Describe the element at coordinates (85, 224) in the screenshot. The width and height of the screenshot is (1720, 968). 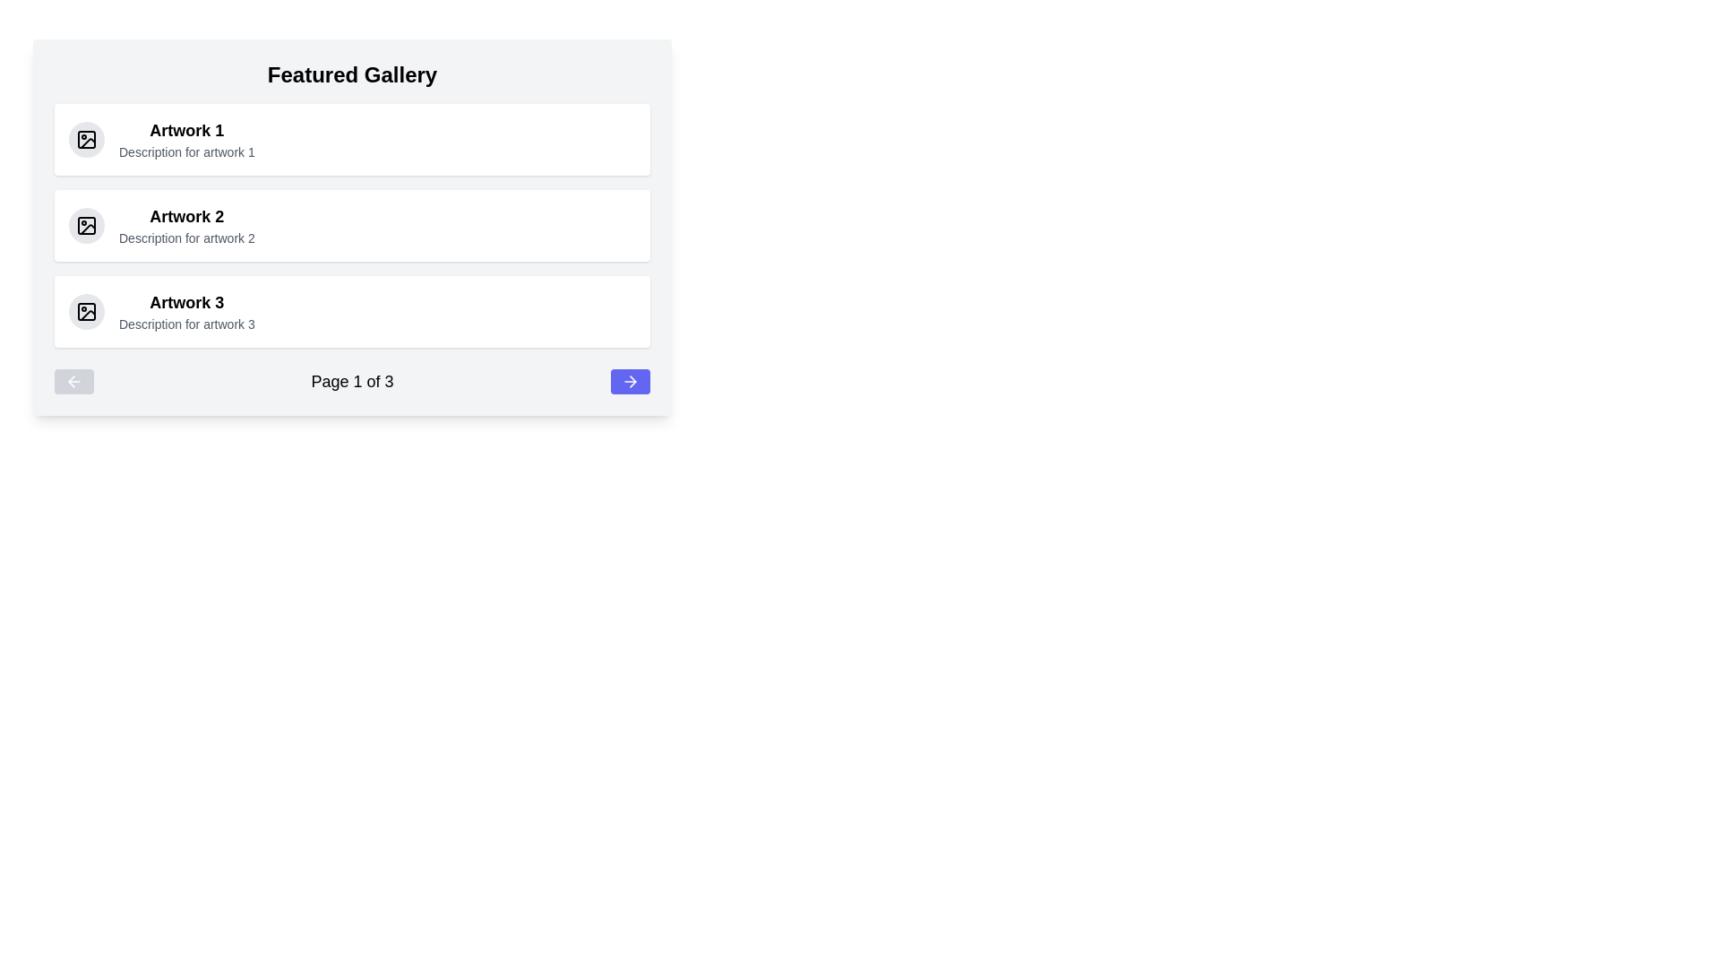
I see `the SVG icon resembling a picture frame with rounded corners located in the second row of the 'Featured Gallery', to the left of the text 'Artwork 2'` at that location.